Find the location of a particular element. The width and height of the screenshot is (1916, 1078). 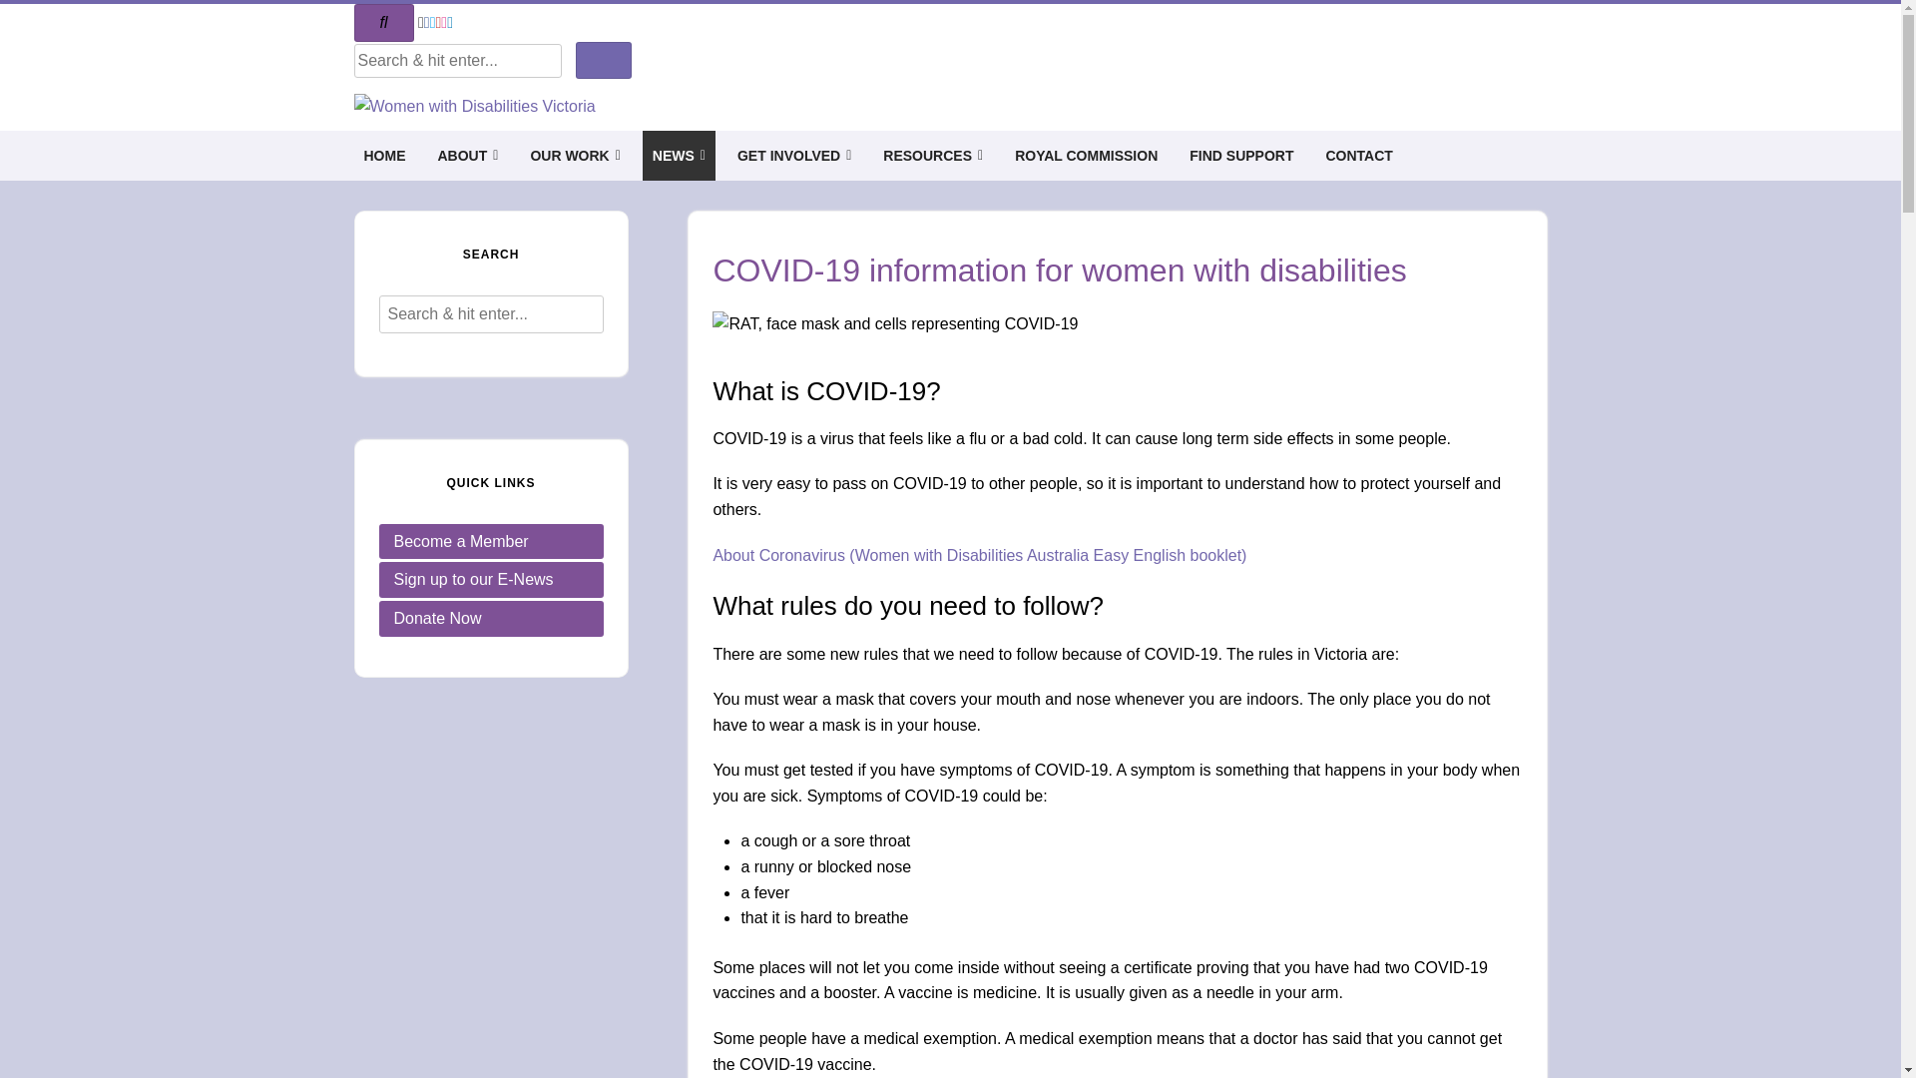

'Sign up to our E-News' is located at coordinates (491, 580).